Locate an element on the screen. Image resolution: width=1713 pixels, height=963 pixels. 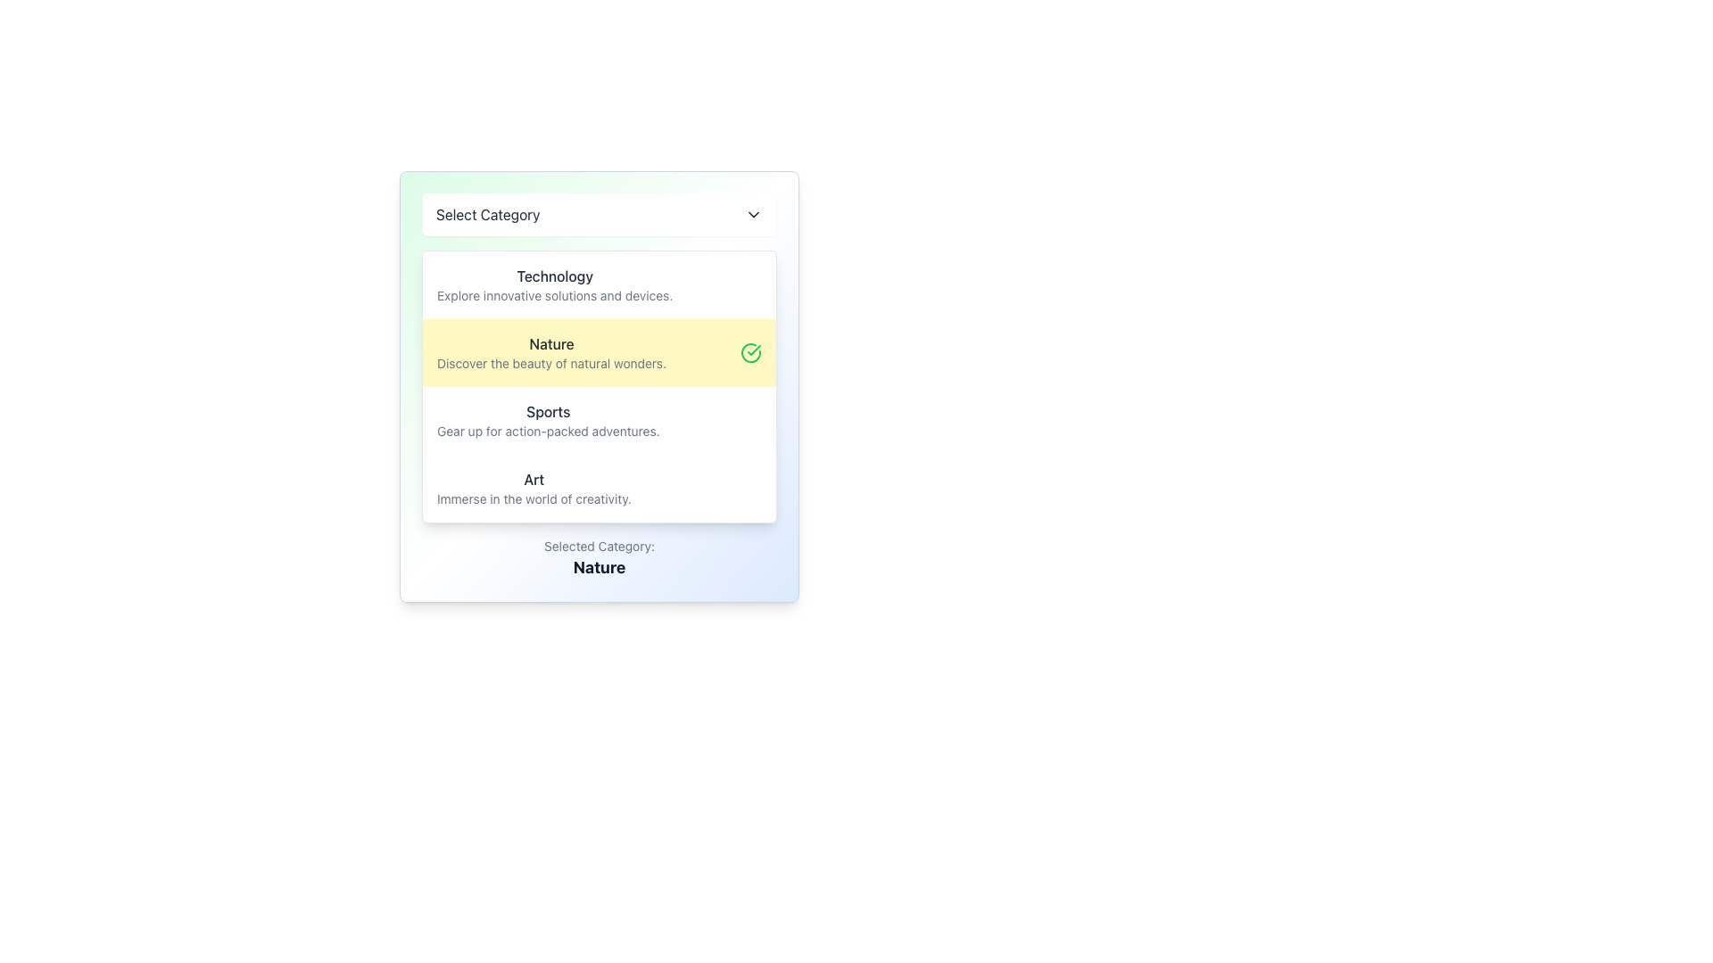
the third selectable item in the list under the 'Select Category' section is located at coordinates (600, 420).